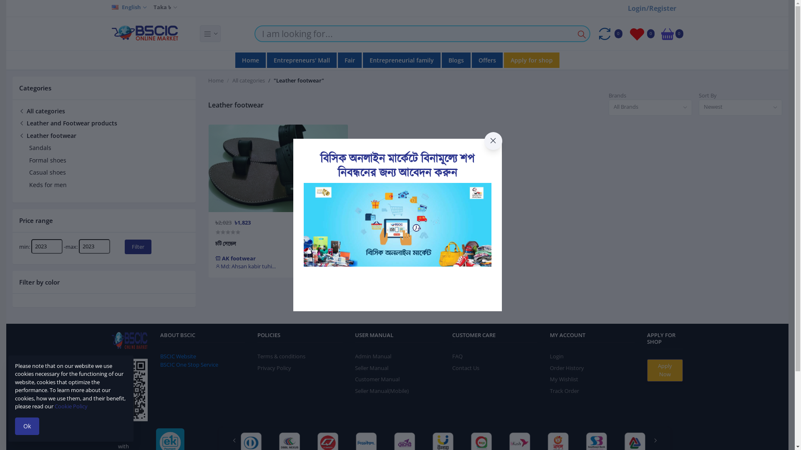 Image resolution: width=801 pixels, height=450 pixels. Describe the element at coordinates (373, 356) in the screenshot. I see `'Admin Manual'` at that location.